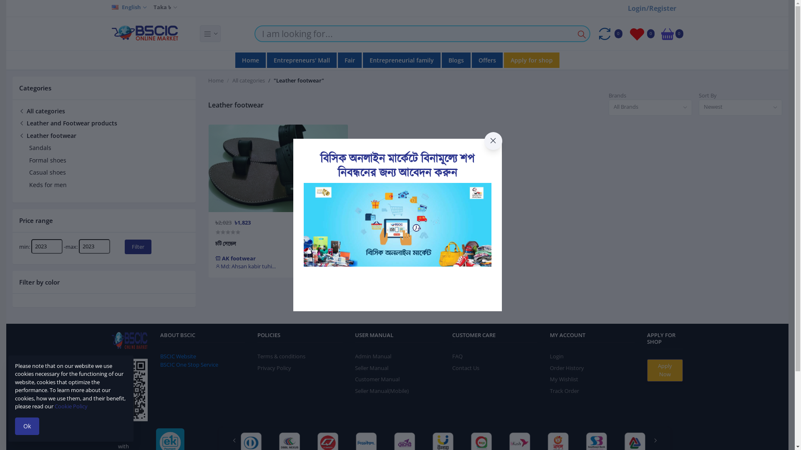 Image resolution: width=801 pixels, height=450 pixels. Describe the element at coordinates (373, 356) in the screenshot. I see `'Admin Manual'` at that location.